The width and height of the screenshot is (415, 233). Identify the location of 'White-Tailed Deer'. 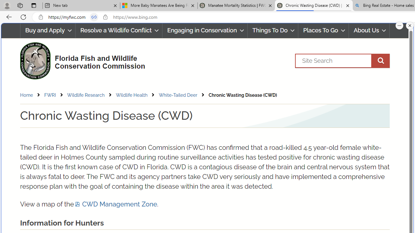
(178, 95).